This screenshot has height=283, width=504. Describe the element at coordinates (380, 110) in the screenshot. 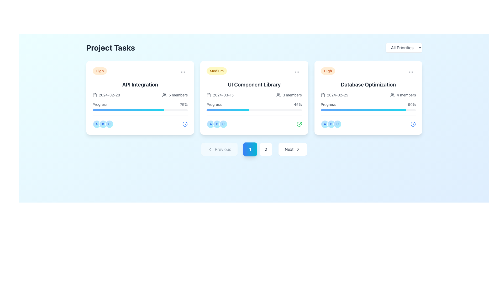

I see `progress` at that location.